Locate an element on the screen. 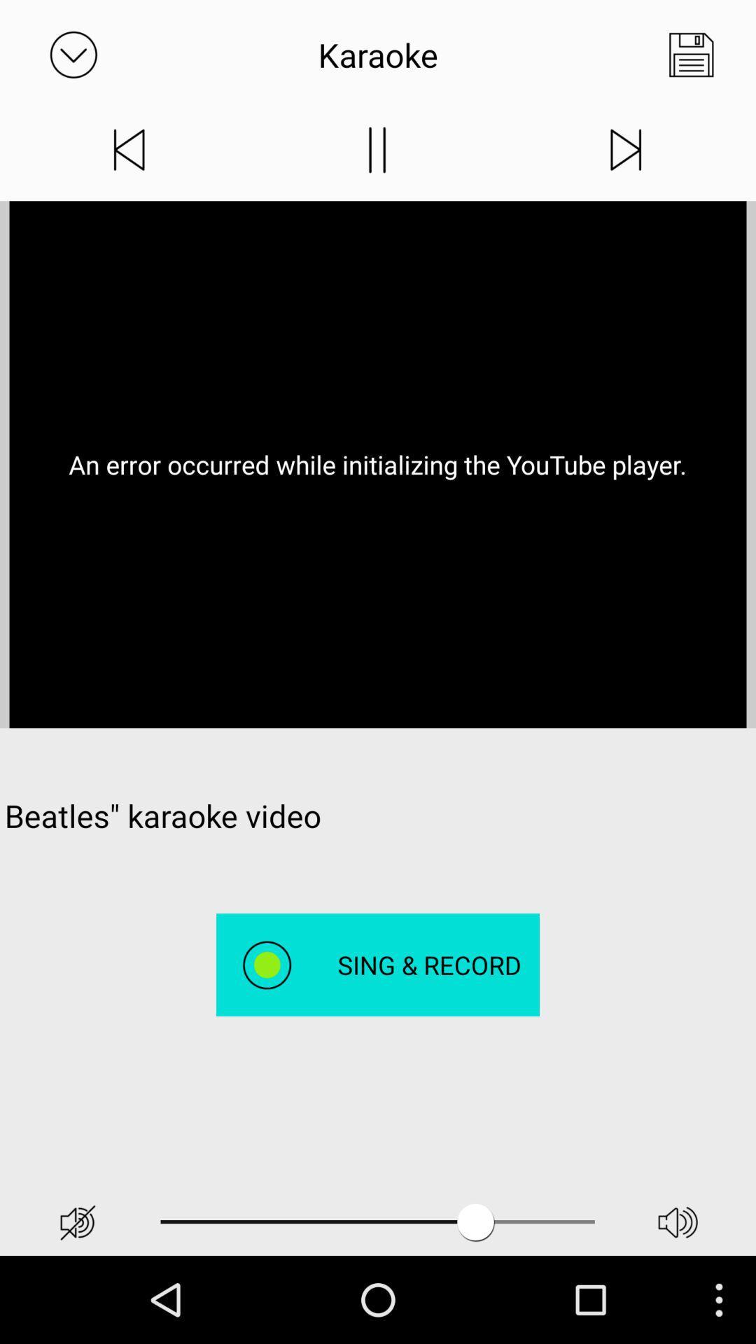  the expand_more icon is located at coordinates (73, 58).